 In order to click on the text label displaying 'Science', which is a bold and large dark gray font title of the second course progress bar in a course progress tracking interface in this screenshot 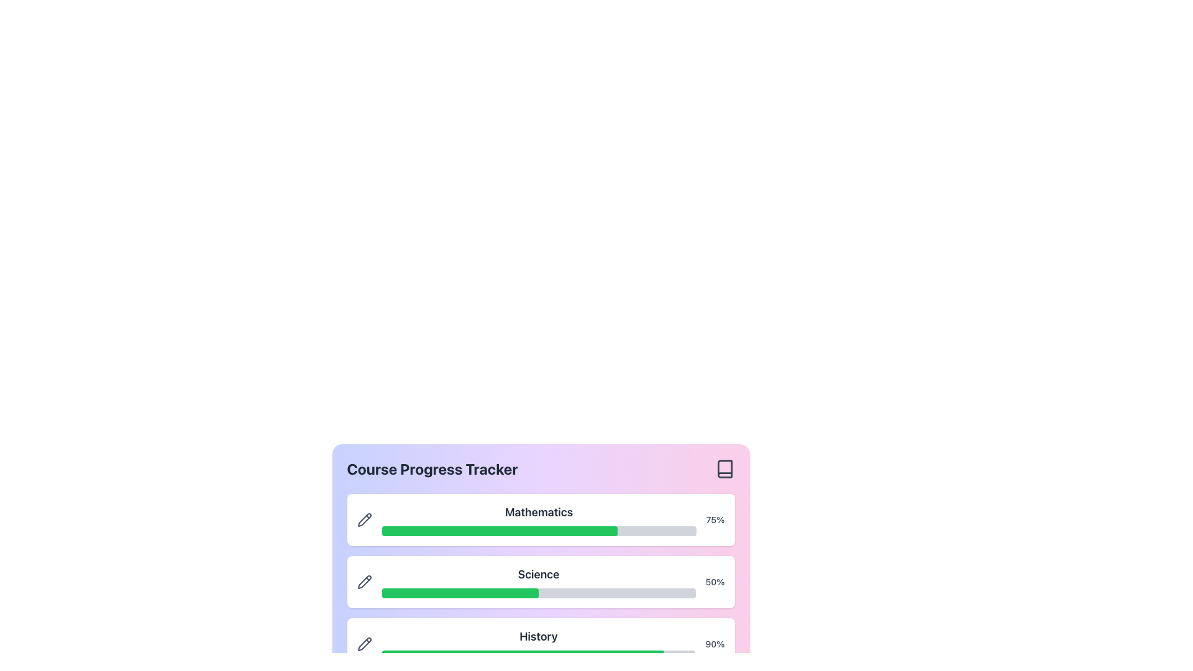, I will do `click(539, 575)`.